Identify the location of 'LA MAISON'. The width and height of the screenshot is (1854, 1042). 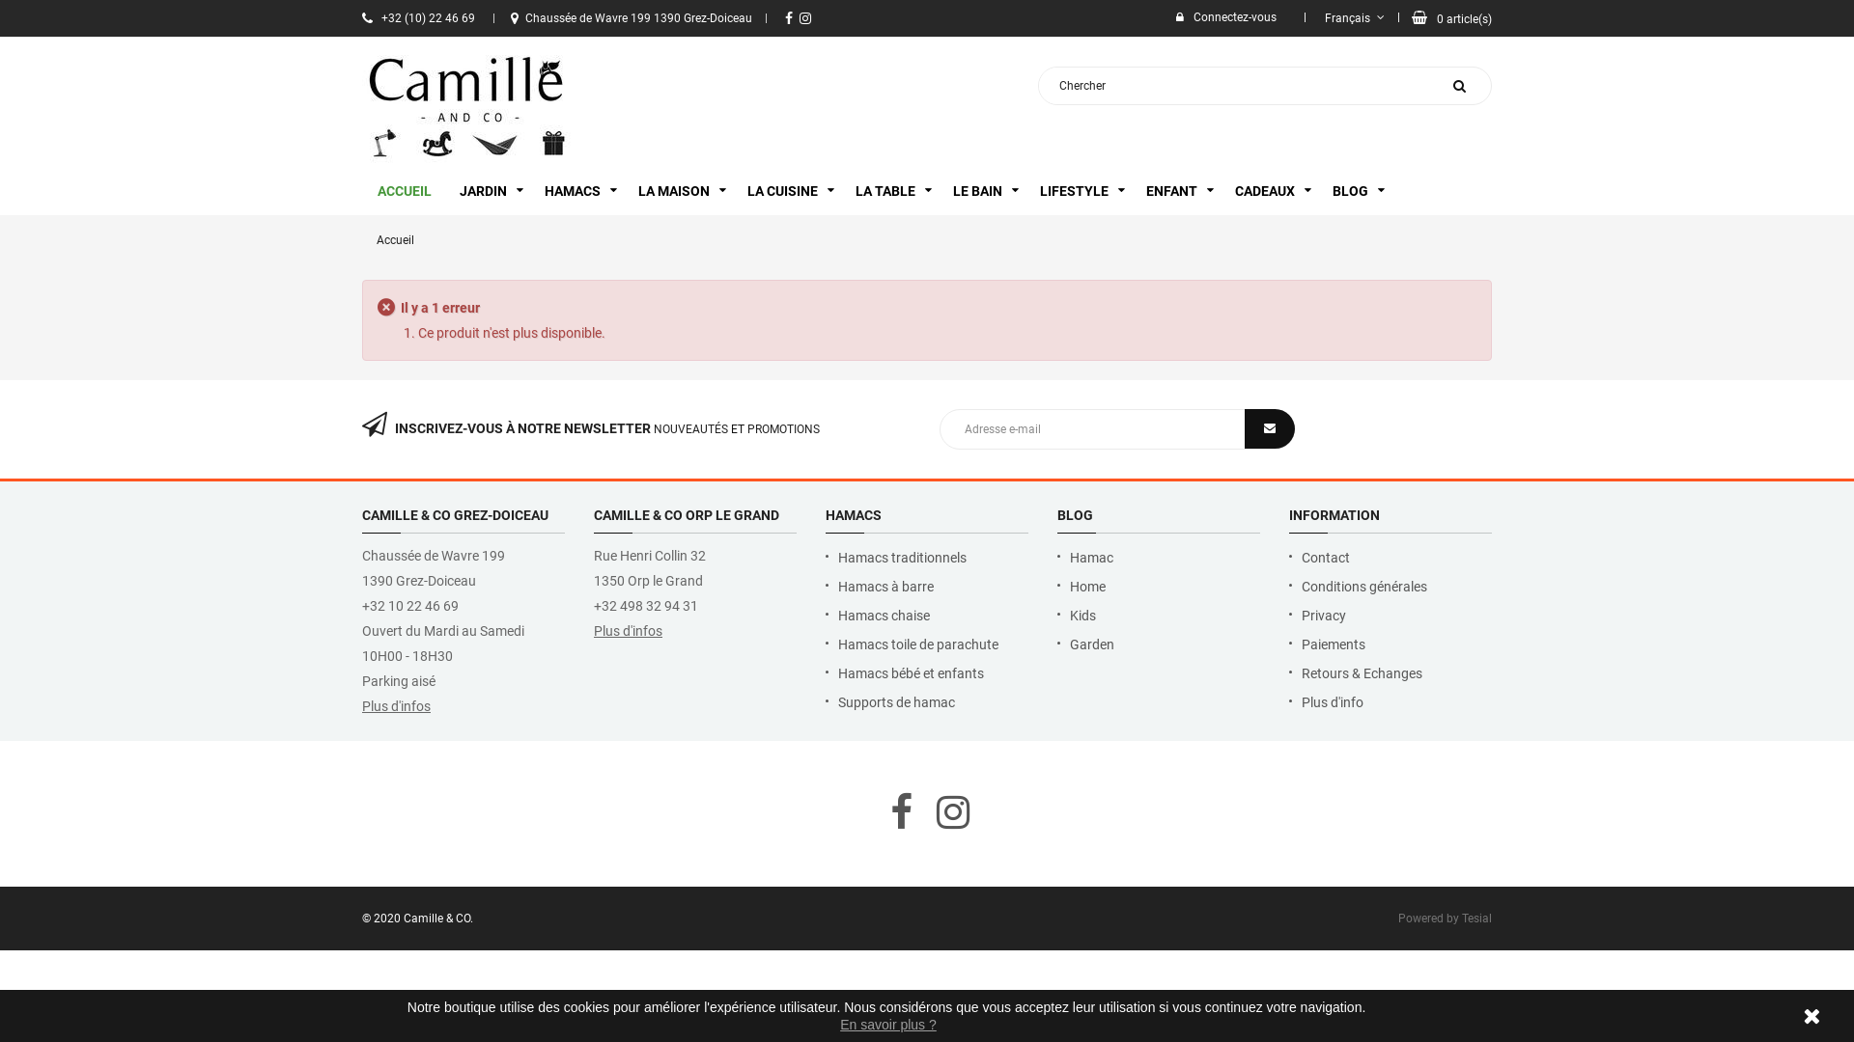
(626, 190).